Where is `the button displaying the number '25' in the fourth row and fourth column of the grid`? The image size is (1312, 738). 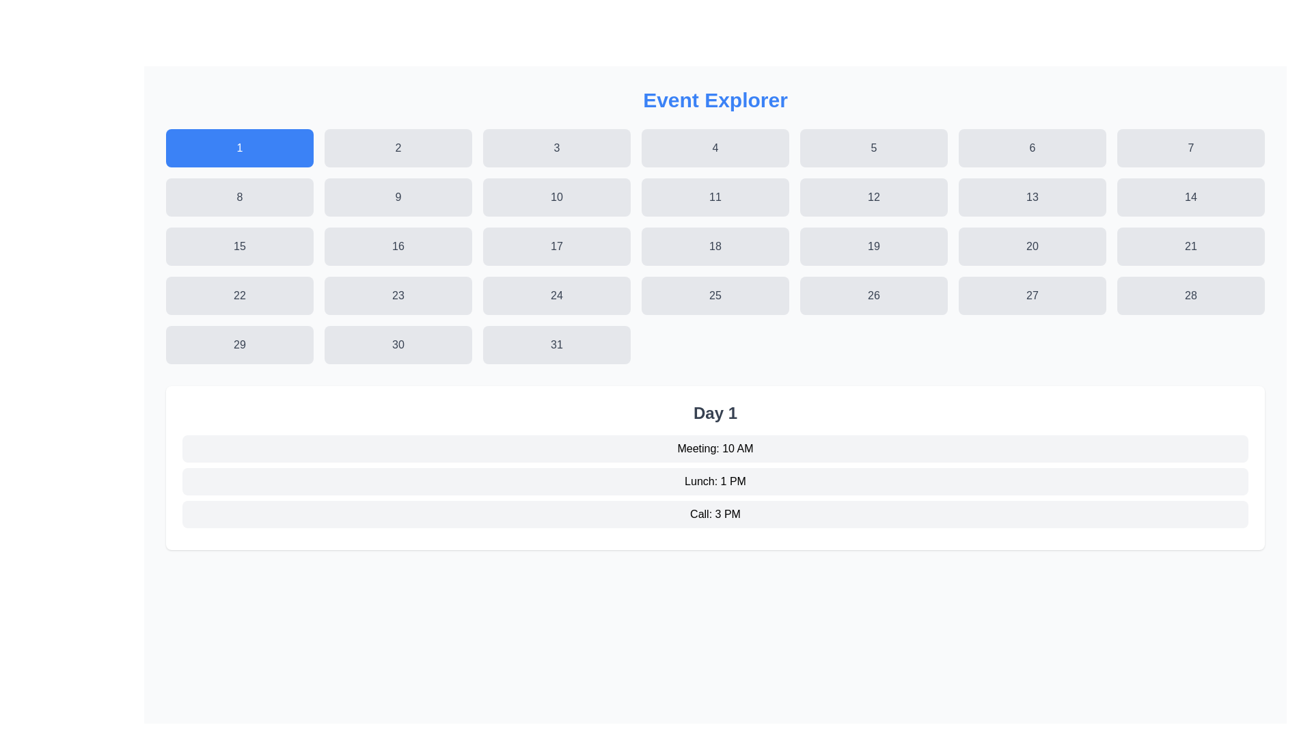
the button displaying the number '25' in the fourth row and fourth column of the grid is located at coordinates (714, 295).